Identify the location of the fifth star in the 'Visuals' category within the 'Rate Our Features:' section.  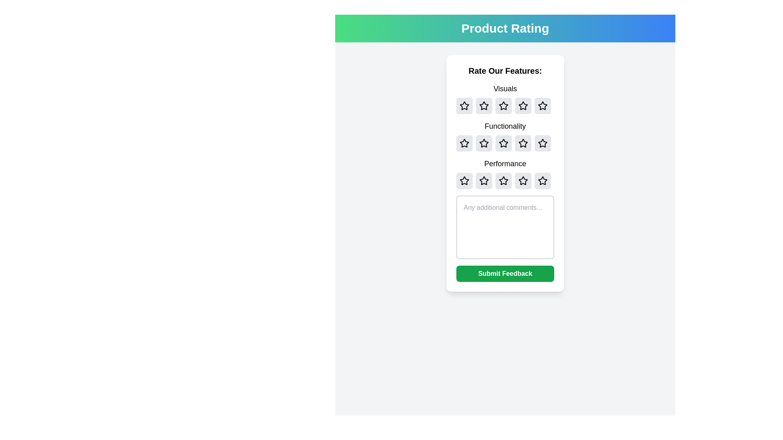
(542, 105).